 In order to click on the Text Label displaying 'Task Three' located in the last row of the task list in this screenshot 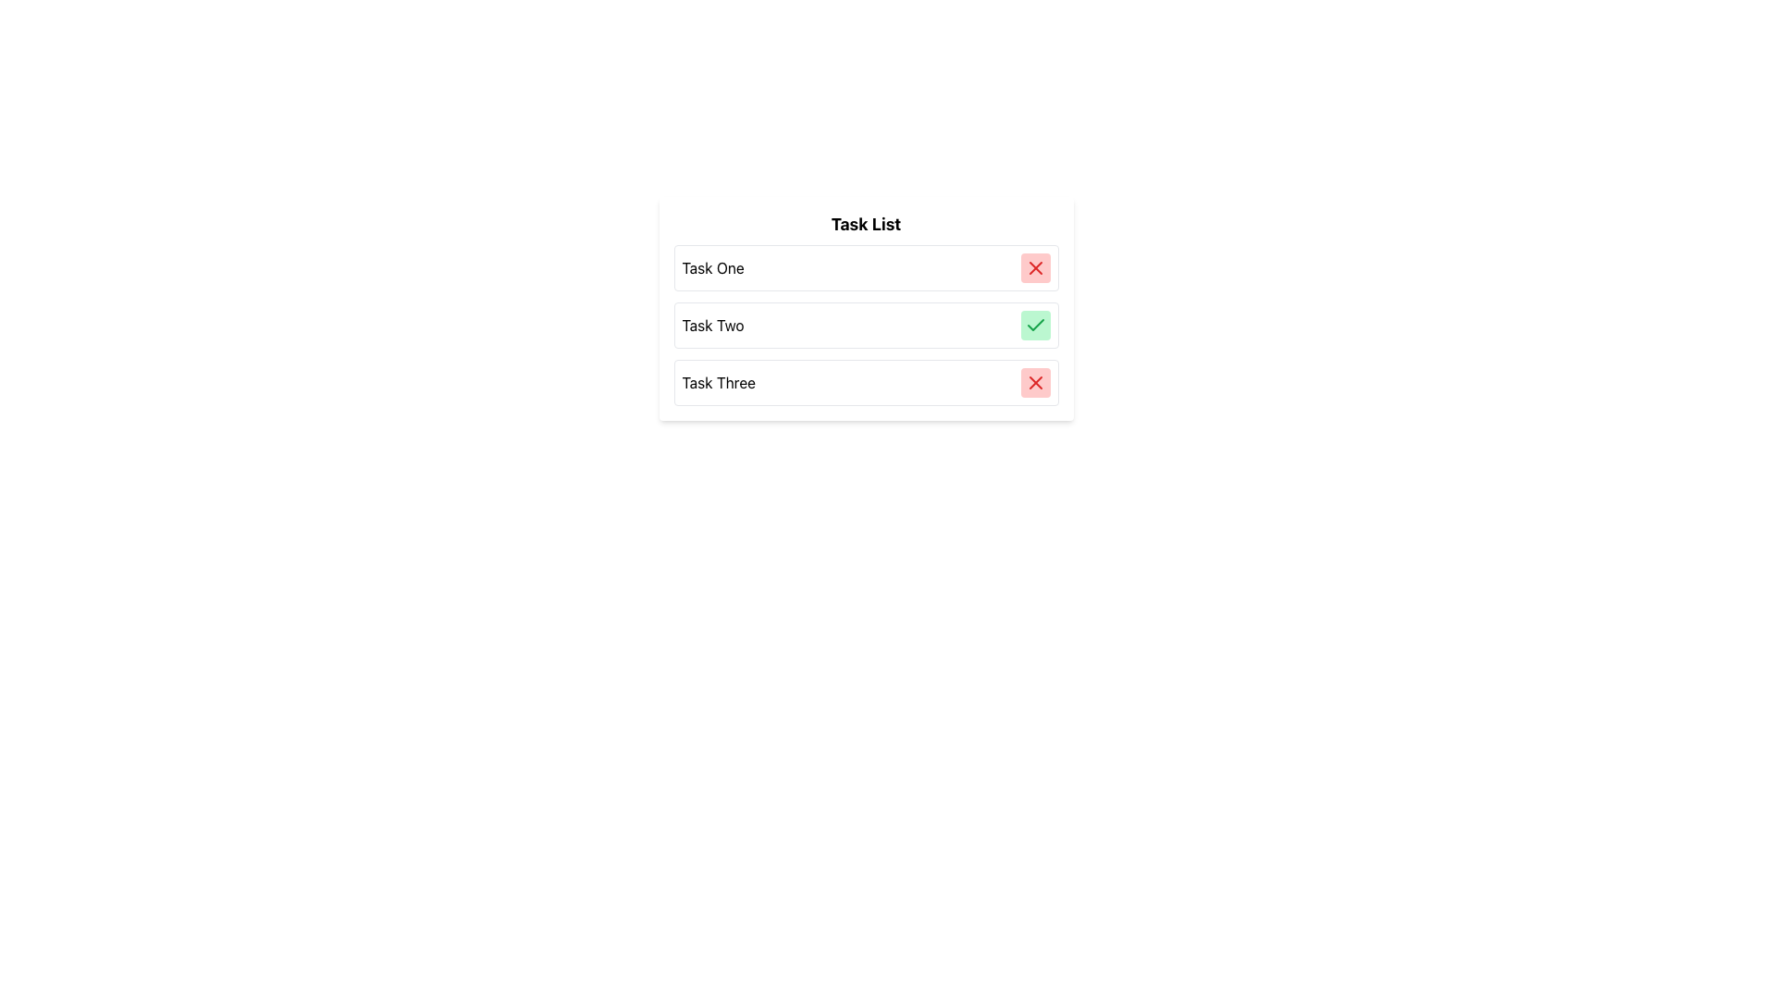, I will do `click(718, 381)`.